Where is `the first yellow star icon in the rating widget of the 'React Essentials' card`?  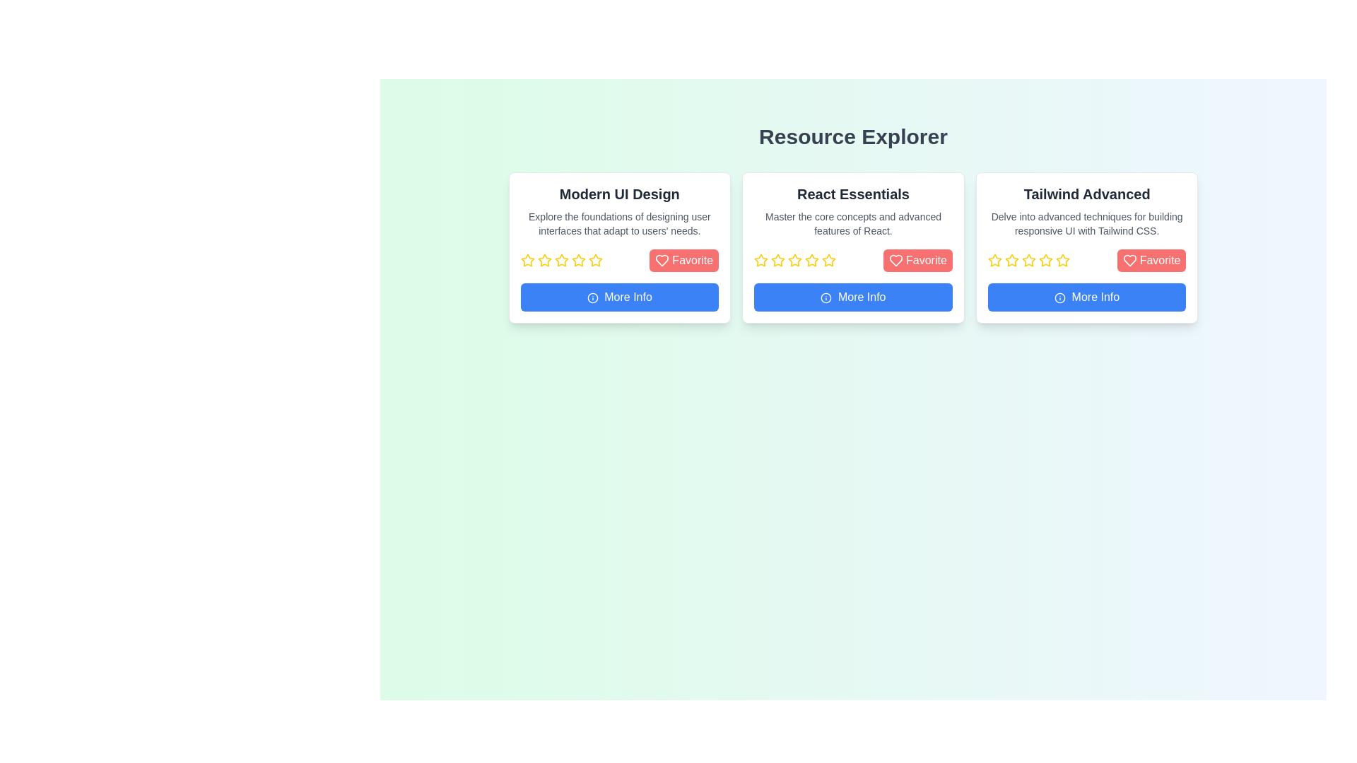 the first yellow star icon in the rating widget of the 'React Essentials' card is located at coordinates (760, 261).